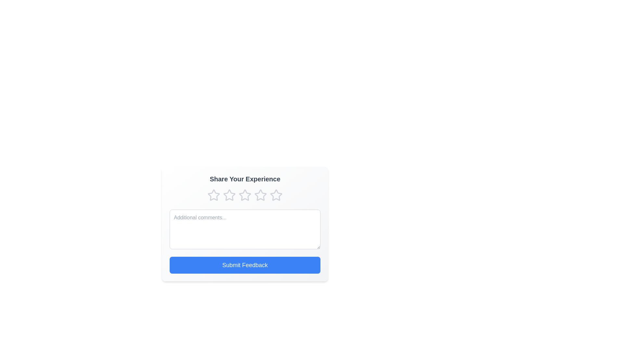 The image size is (624, 351). What do you see at coordinates (276, 195) in the screenshot?
I see `the fifth star-shaped rating icon outlined in gray located beneath the 'Share Your Experience' heading in the feedback form` at bounding box center [276, 195].